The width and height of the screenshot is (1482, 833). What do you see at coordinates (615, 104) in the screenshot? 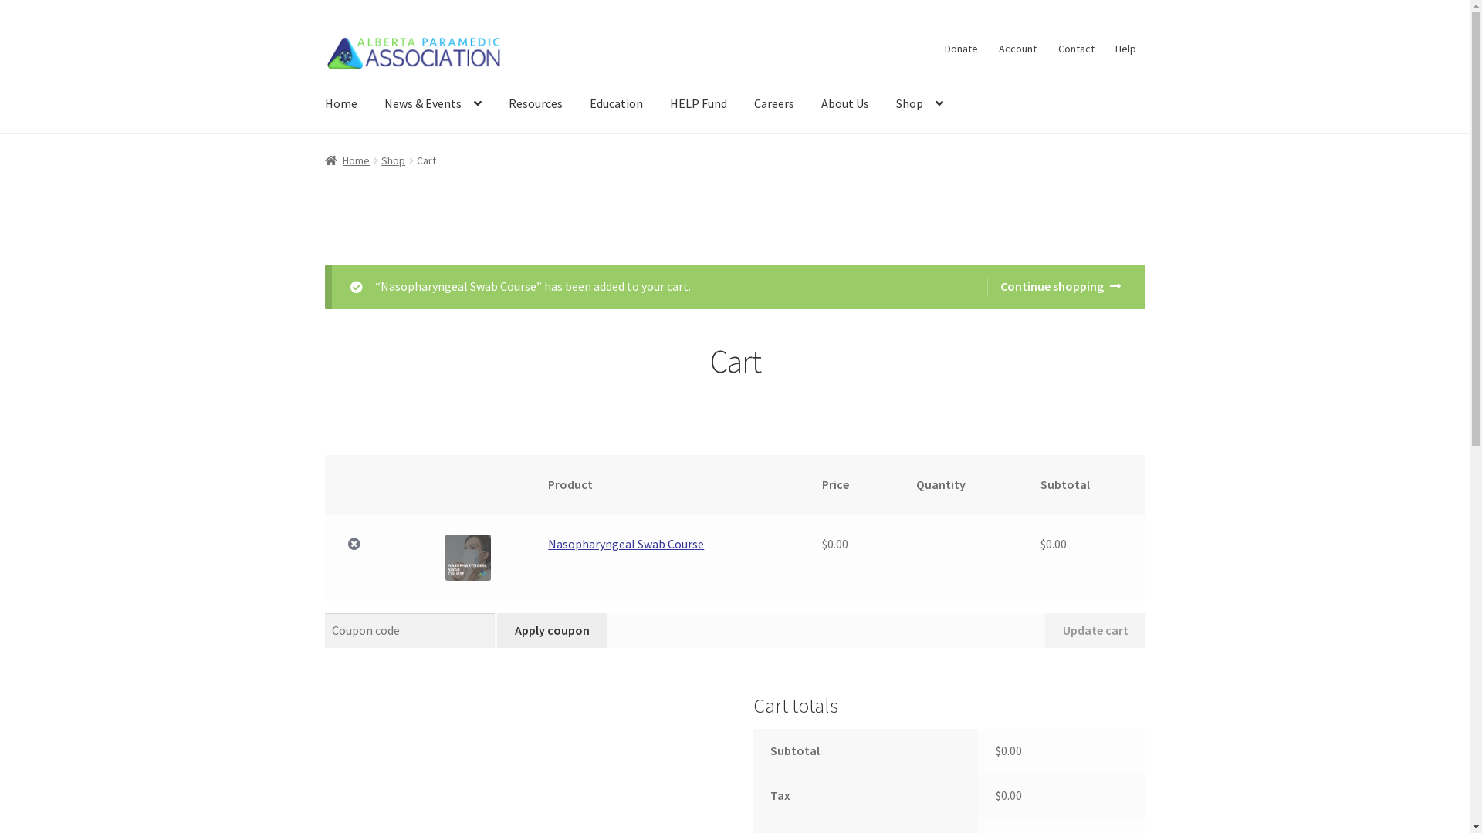
I see `'Education'` at bounding box center [615, 104].